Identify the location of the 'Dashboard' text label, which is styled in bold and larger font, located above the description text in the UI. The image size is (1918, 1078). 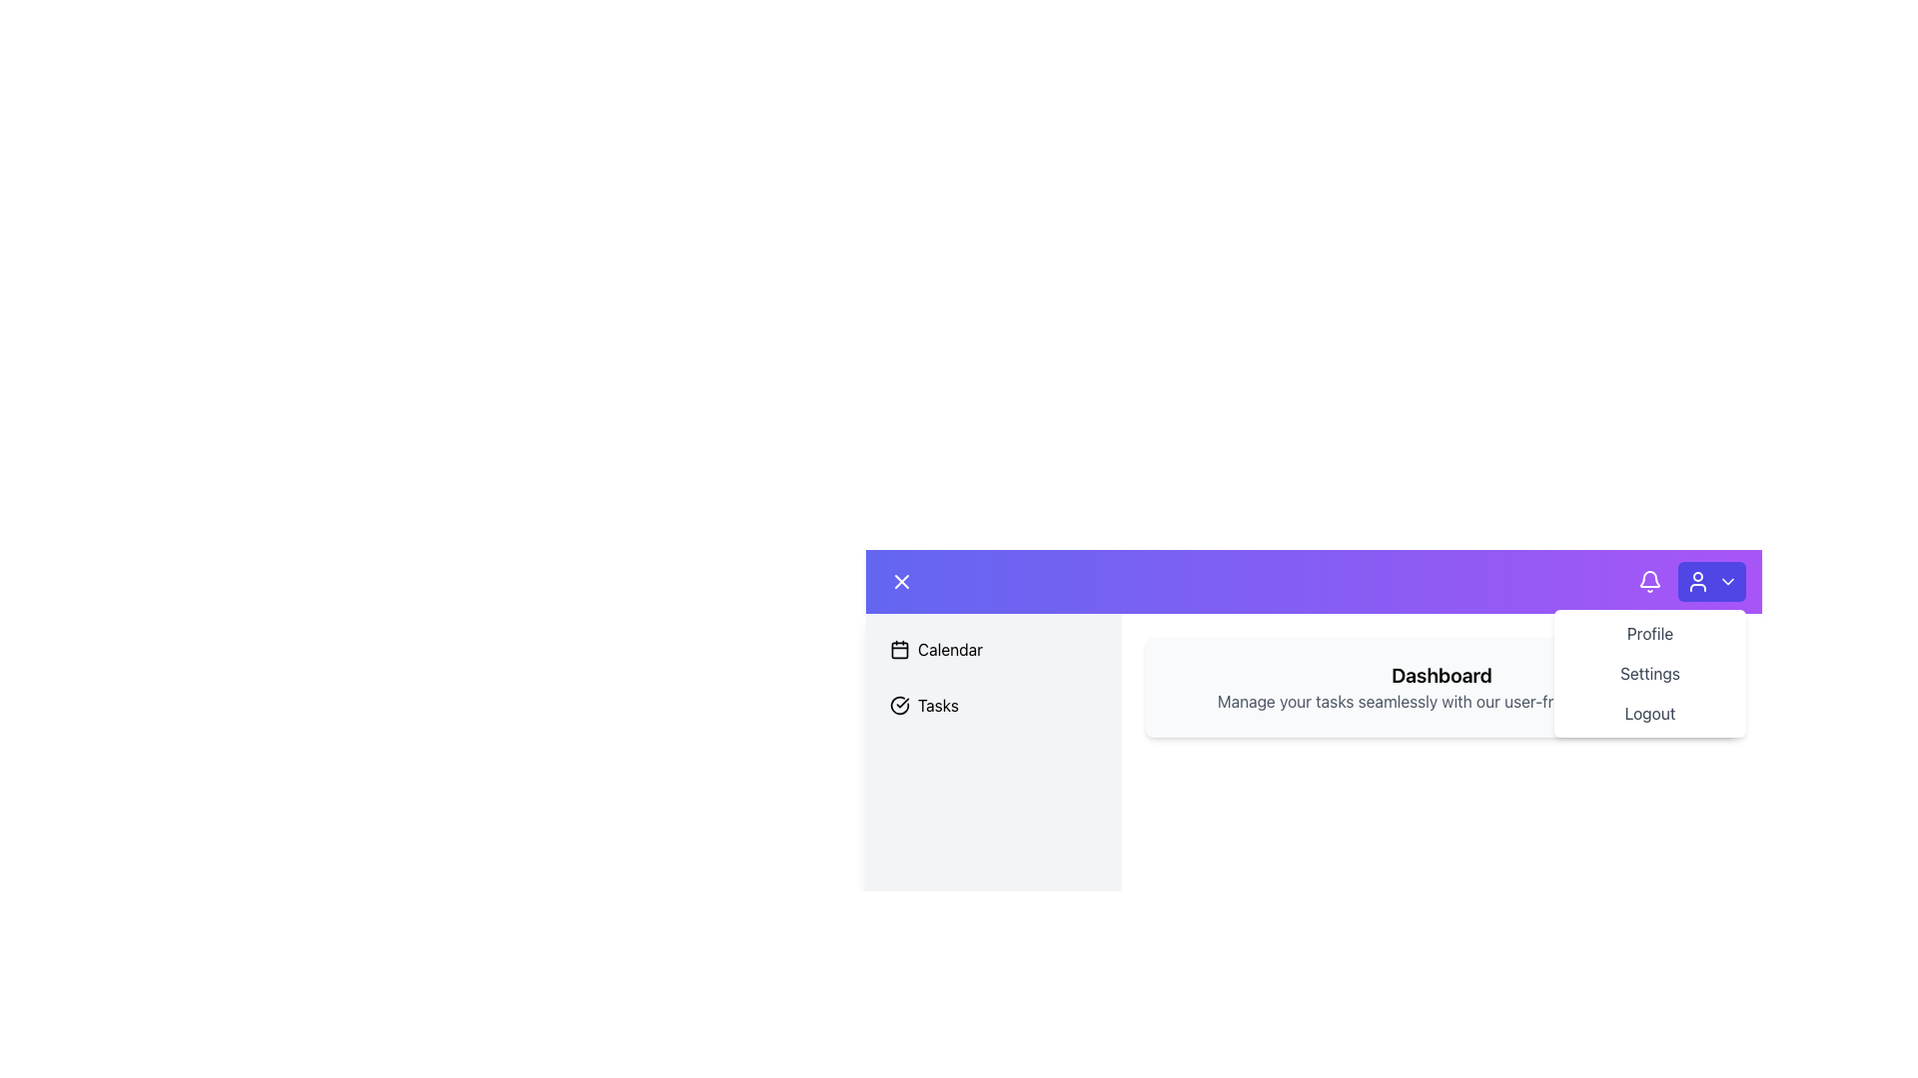
(1441, 675).